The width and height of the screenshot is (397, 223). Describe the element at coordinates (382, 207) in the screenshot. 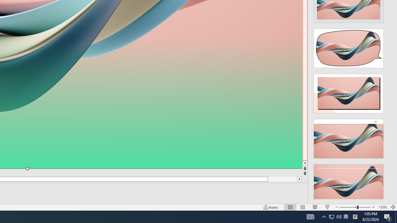

I see `'Zoom 150%'` at that location.